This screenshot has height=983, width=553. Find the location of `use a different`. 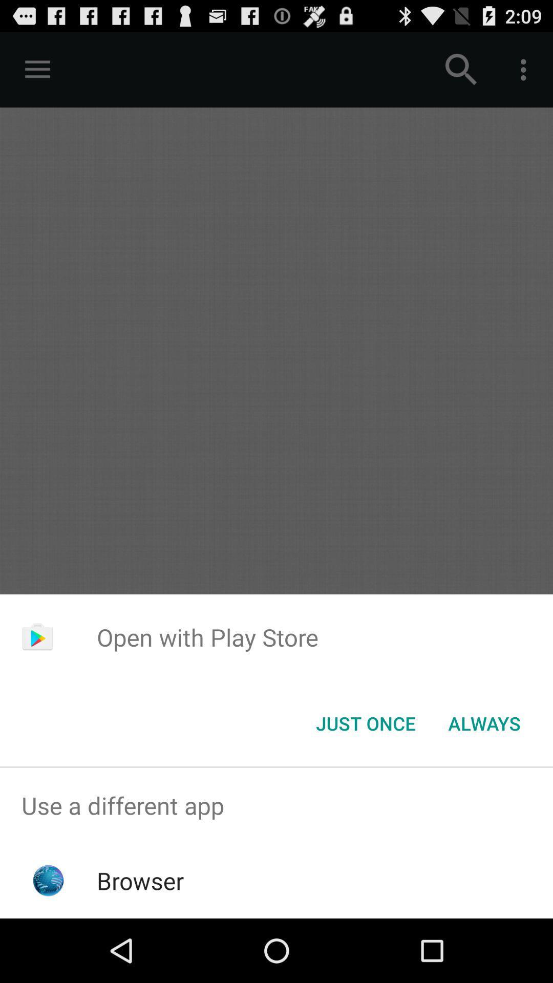

use a different is located at coordinates (276, 805).